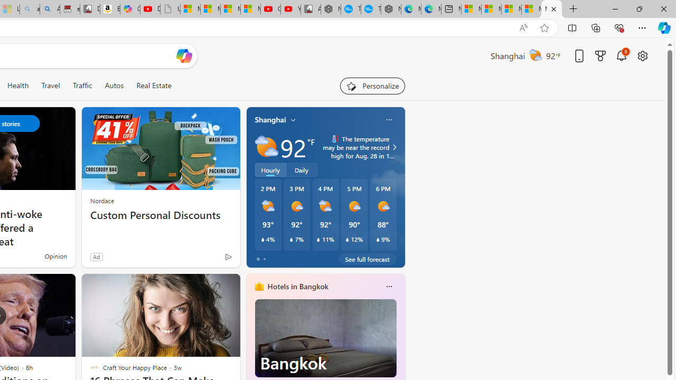 The height and width of the screenshot is (380, 676). What do you see at coordinates (153, 85) in the screenshot?
I see `'Real Estate'` at bounding box center [153, 85].